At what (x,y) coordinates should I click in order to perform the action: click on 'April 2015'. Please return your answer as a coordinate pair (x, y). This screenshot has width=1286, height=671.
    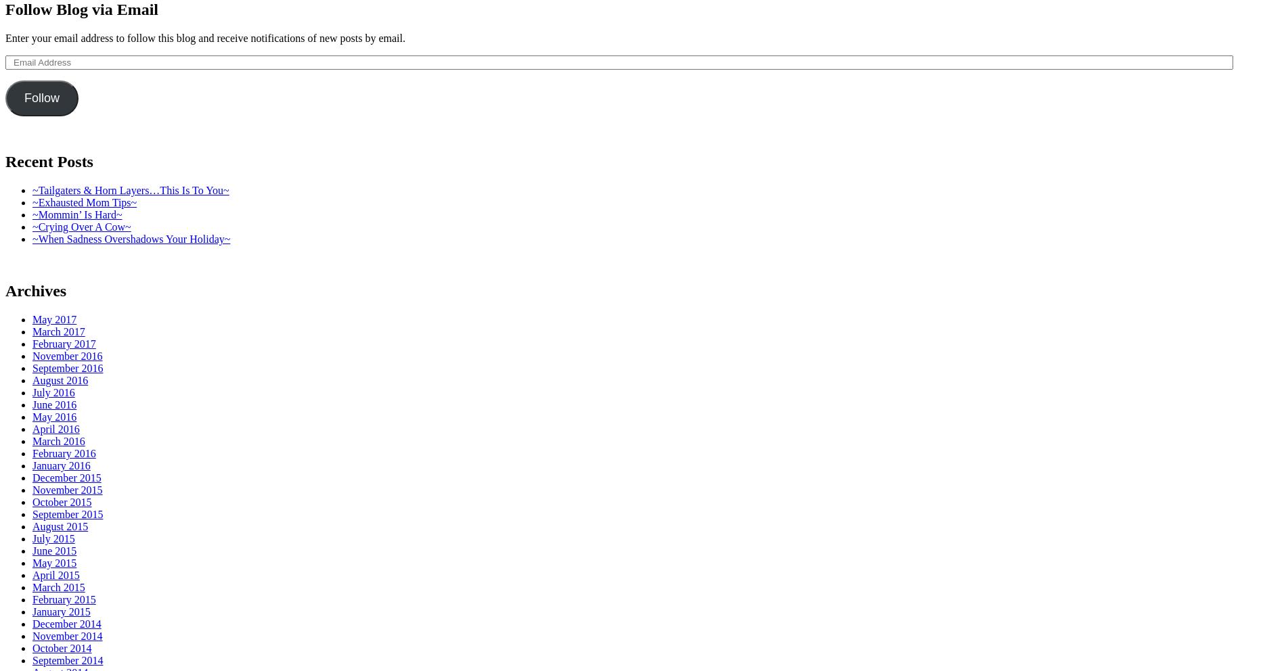
    Looking at the image, I should click on (56, 574).